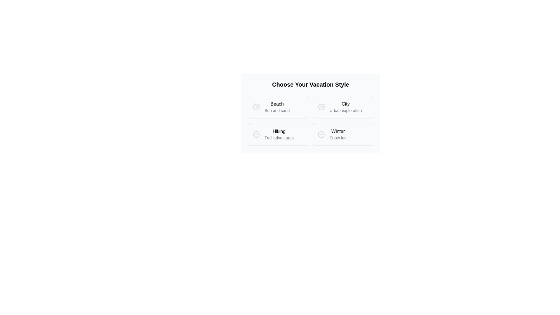  I want to click on the 'Hiking' option button, so click(278, 134).